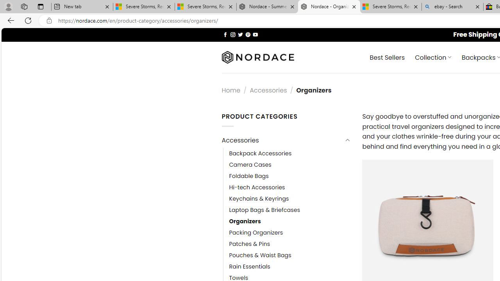 The height and width of the screenshot is (281, 500). I want to click on 'Pouches & Waist Bags', so click(260, 256).